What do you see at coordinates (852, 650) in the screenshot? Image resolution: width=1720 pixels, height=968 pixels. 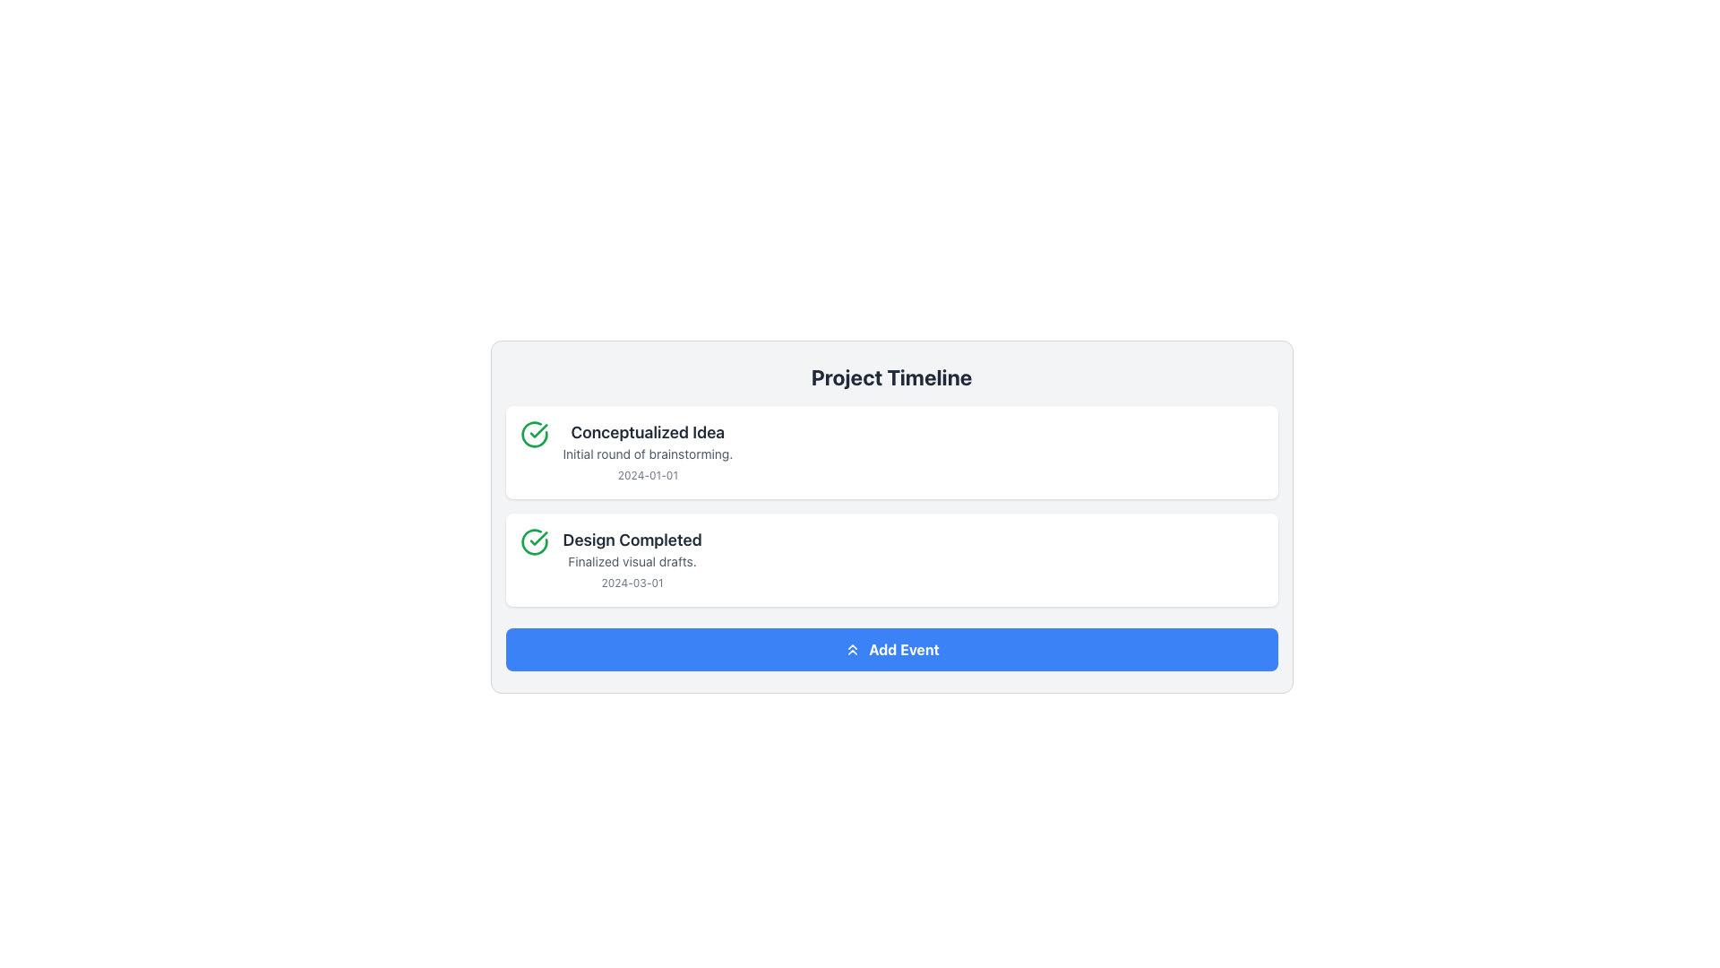 I see `the upward double-chevrons icon located in the blue 'Add Event' button at the bottom center of the layout` at bounding box center [852, 650].